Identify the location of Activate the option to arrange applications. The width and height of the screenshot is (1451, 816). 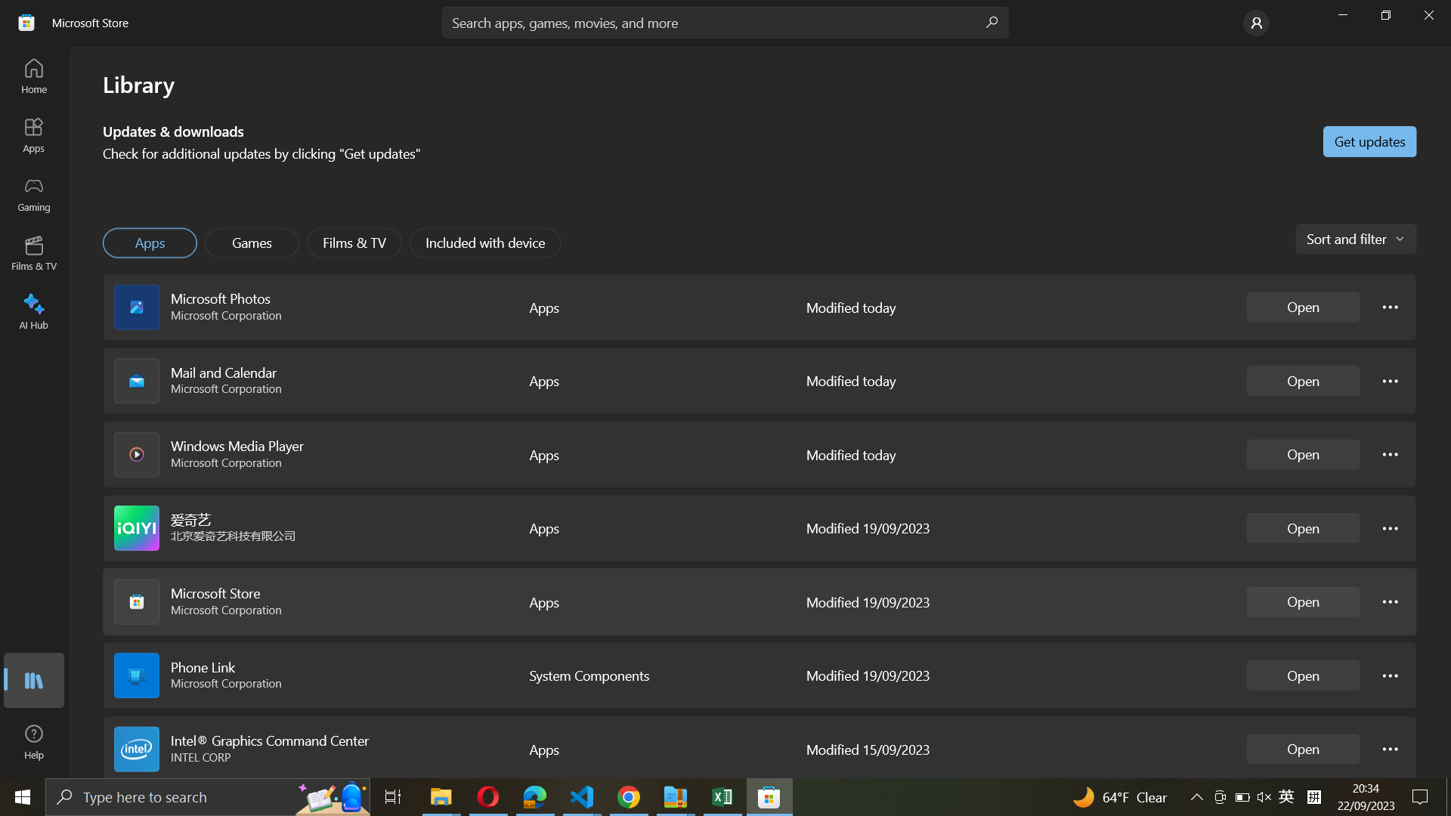
(1354, 238).